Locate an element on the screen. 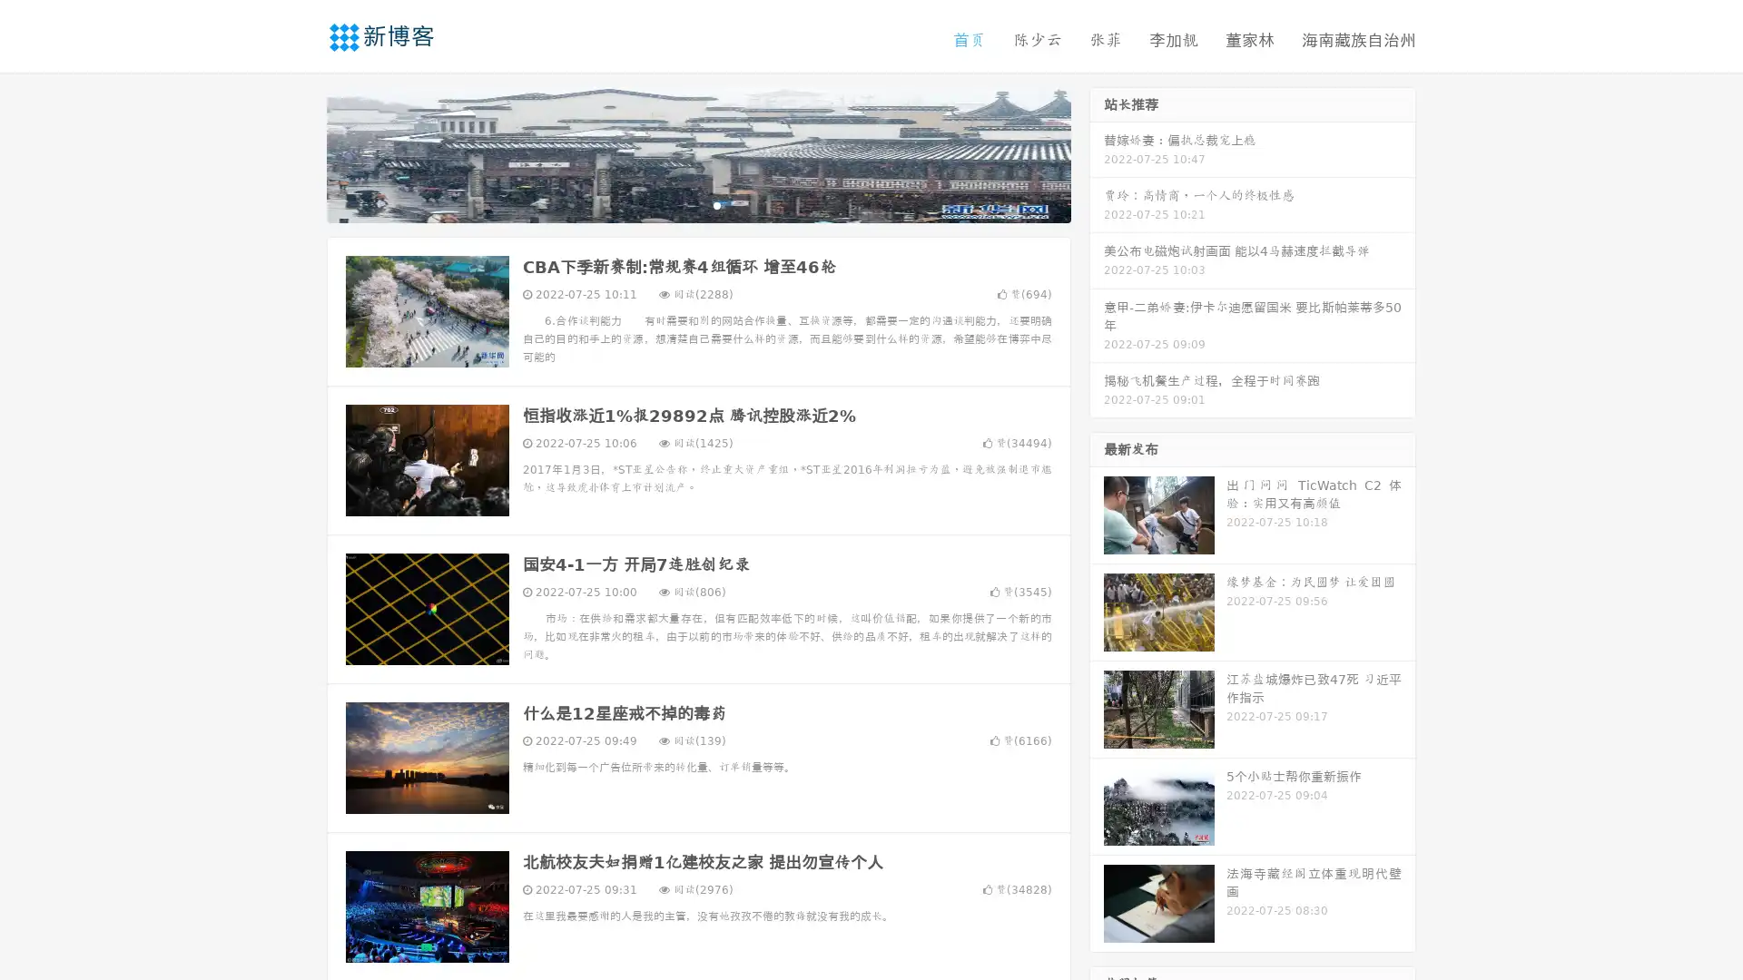 The image size is (1743, 980). Go to slide 1 is located at coordinates (679, 204).